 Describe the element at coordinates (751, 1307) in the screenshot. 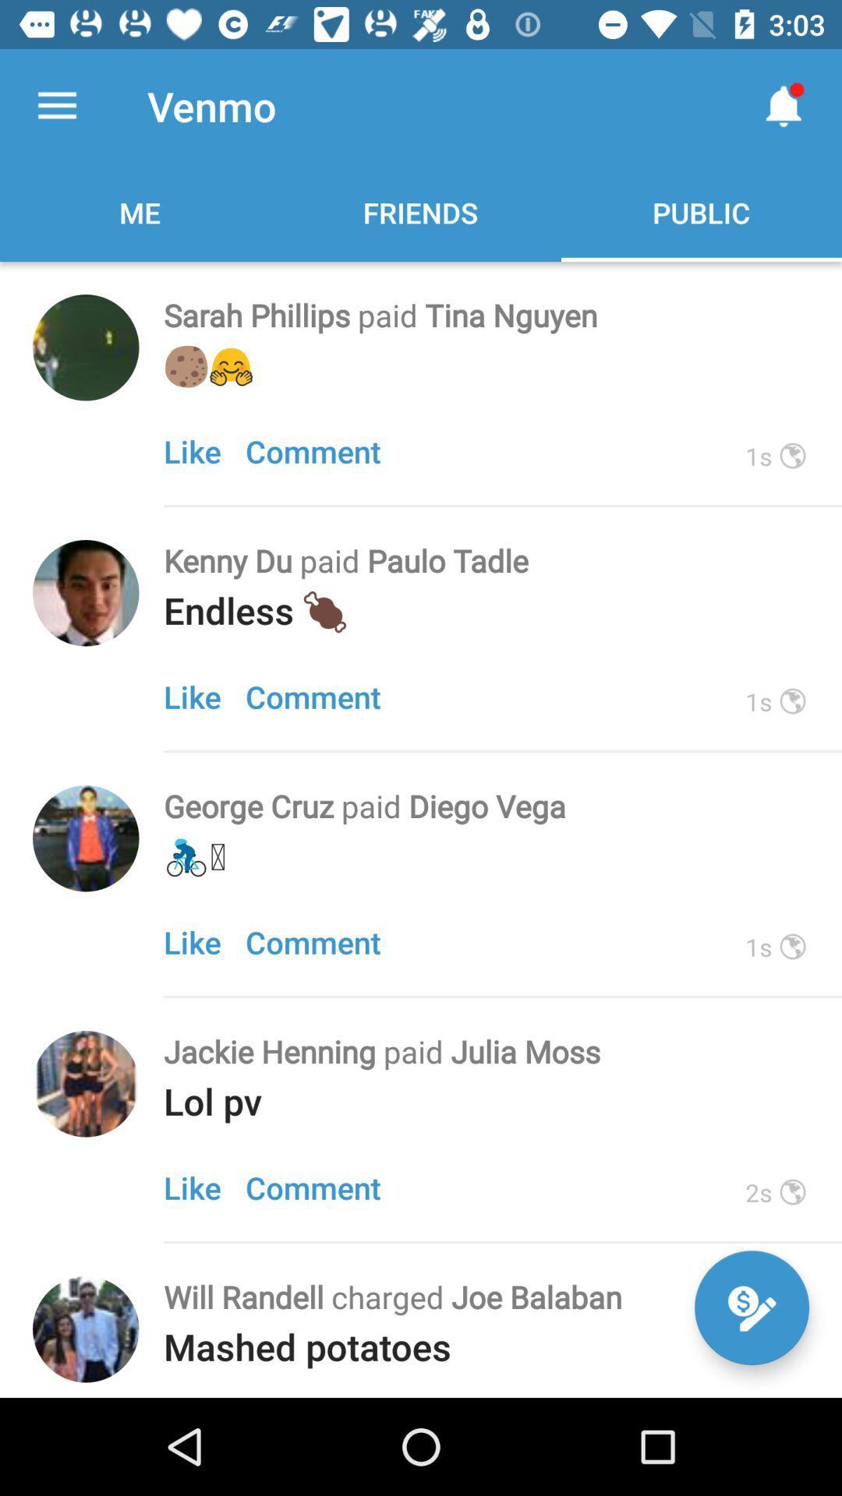

I see `send money` at that location.